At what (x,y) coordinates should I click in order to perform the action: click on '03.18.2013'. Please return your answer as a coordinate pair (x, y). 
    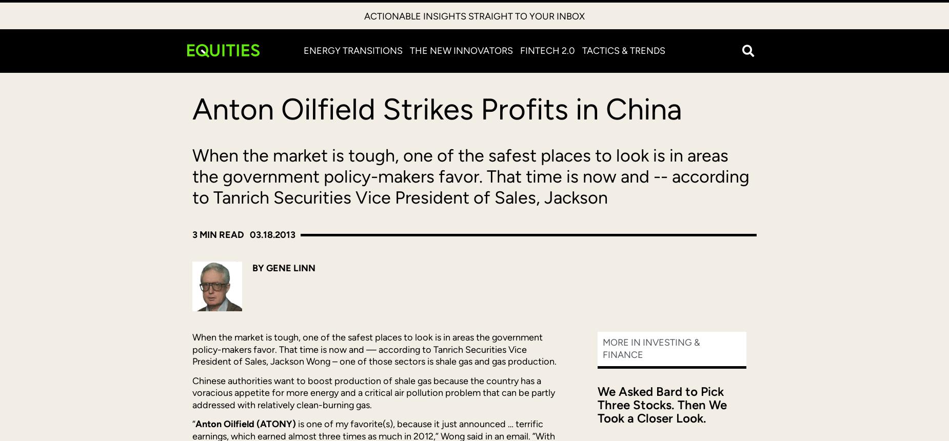
    Looking at the image, I should click on (272, 234).